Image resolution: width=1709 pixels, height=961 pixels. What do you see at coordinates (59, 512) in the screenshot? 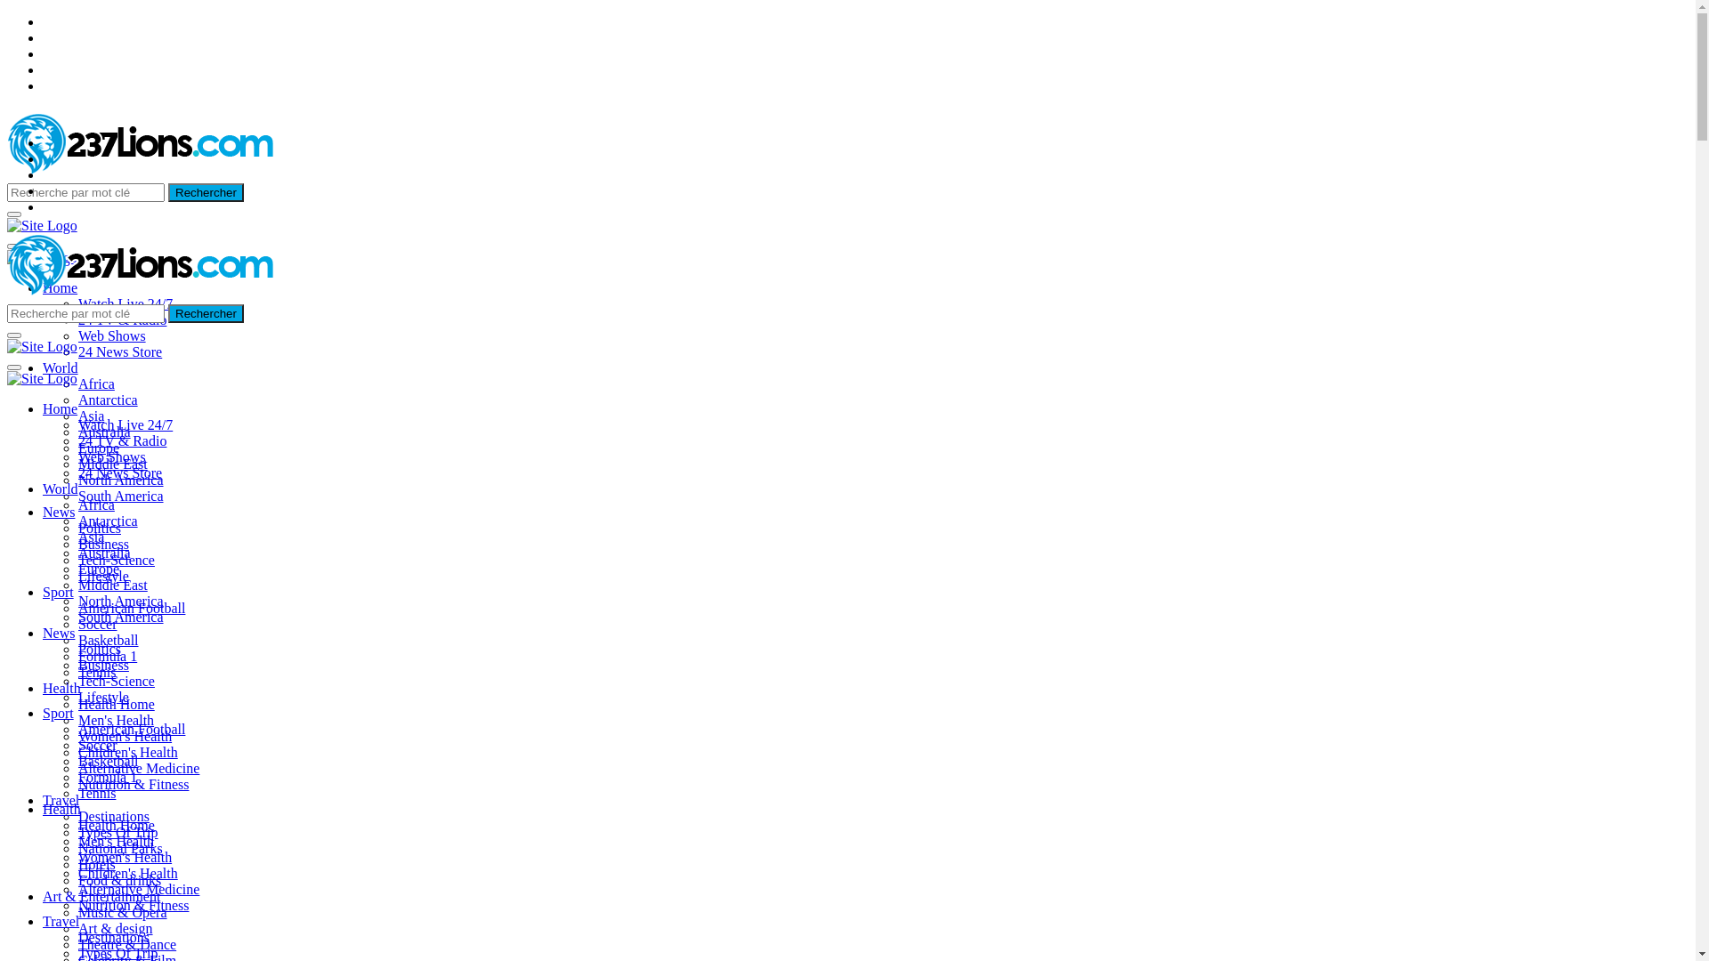
I see `'News'` at bounding box center [59, 512].